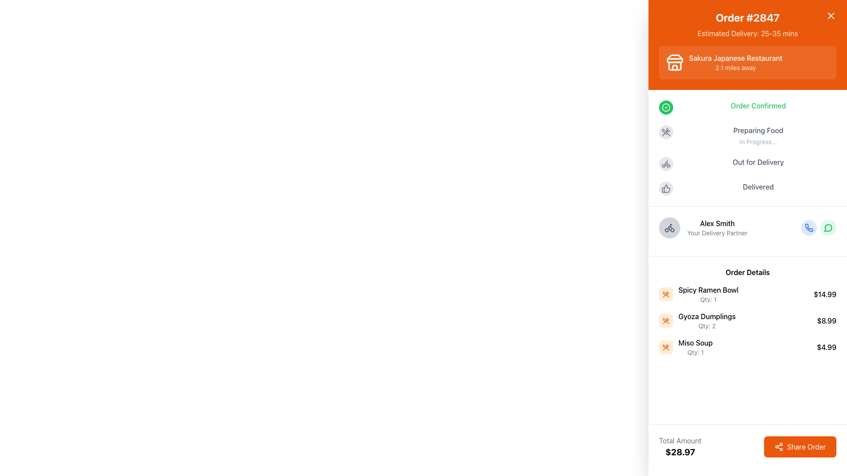 Image resolution: width=847 pixels, height=476 pixels. Describe the element at coordinates (666, 347) in the screenshot. I see `the decorative food item icon located in the middle of the 'Order Details' section, which is the second of three similar icons` at that location.